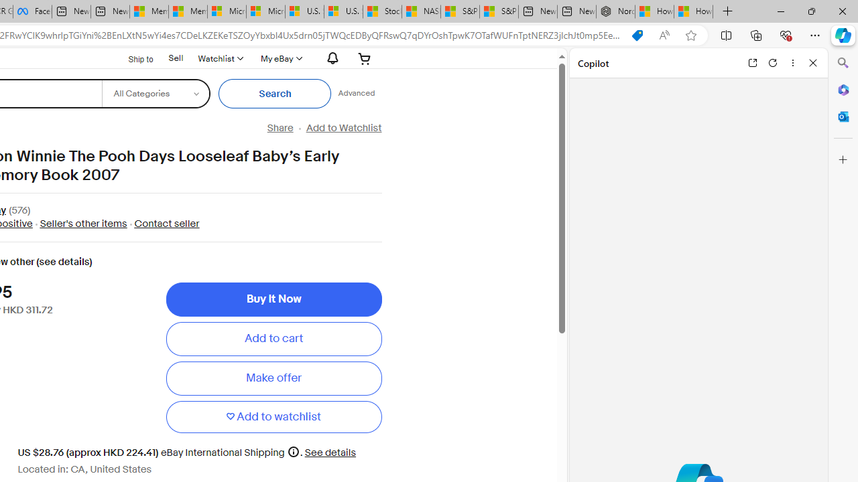 The width and height of the screenshot is (858, 482). What do you see at coordinates (280, 58) in the screenshot?
I see `'My eBayExpand My eBay'` at bounding box center [280, 58].